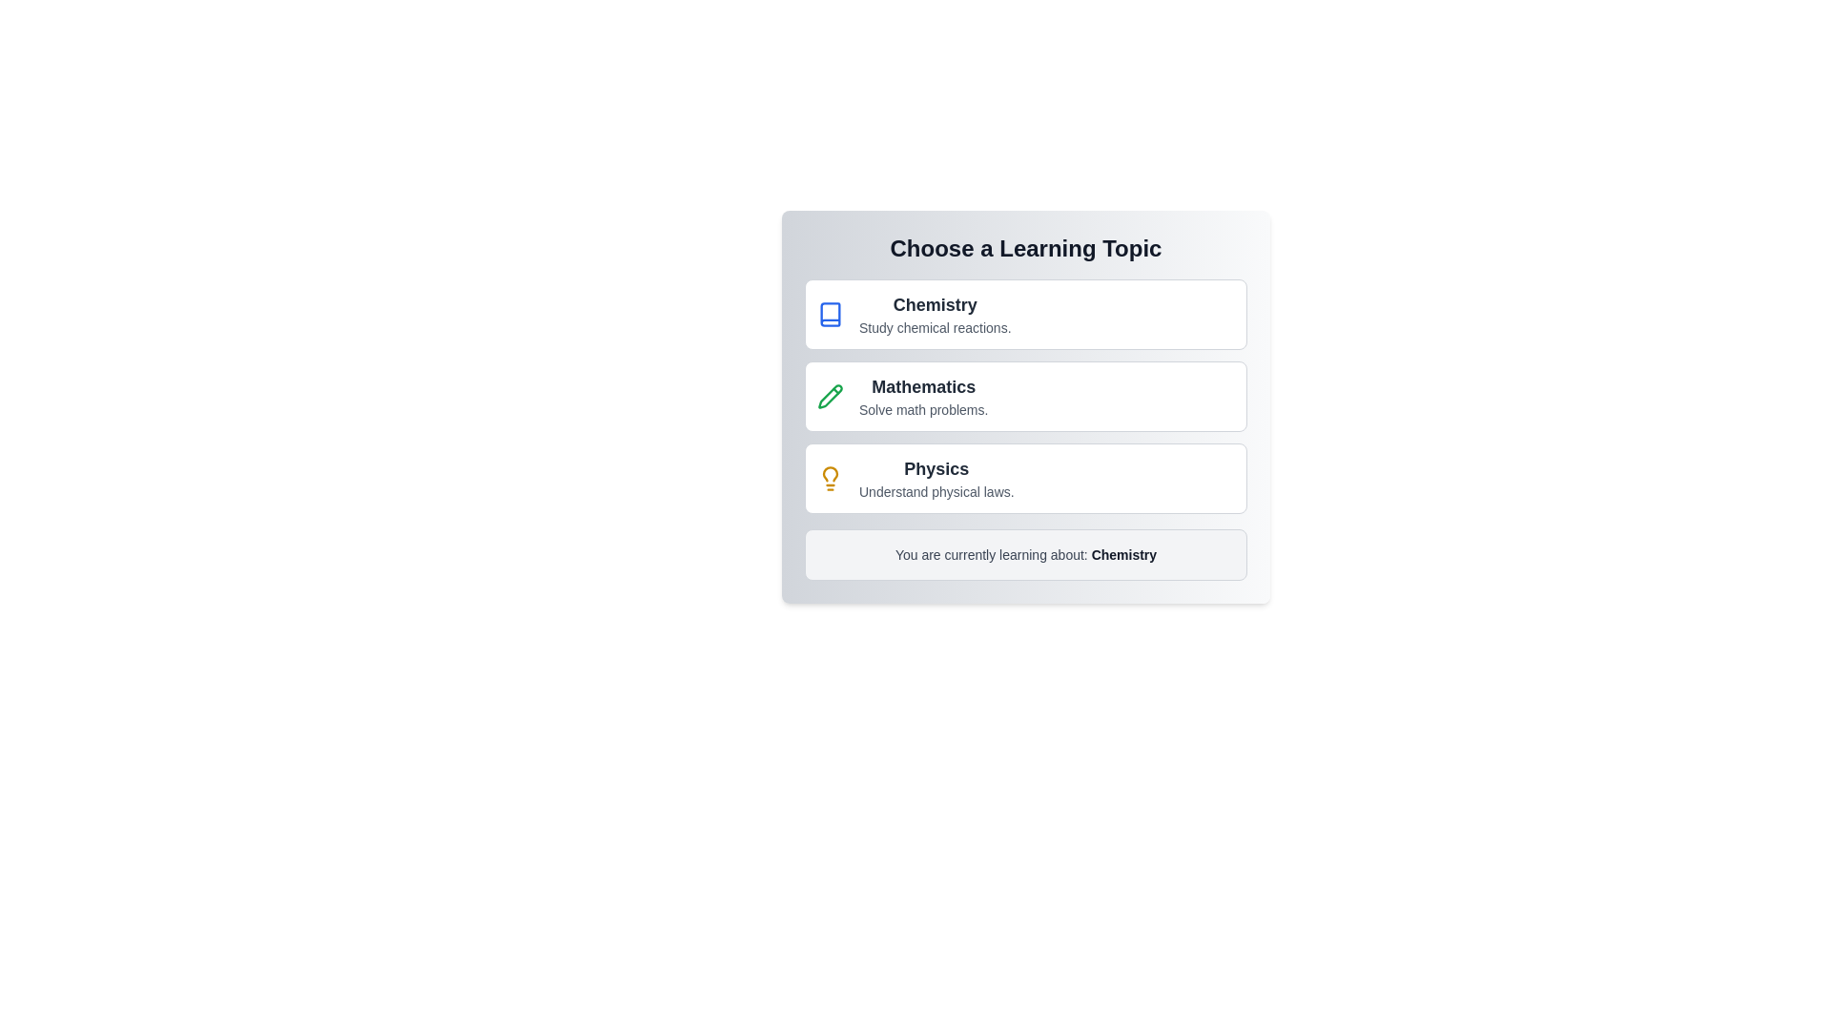 This screenshot has height=1030, width=1831. Describe the element at coordinates (1123, 555) in the screenshot. I see `the bold text label that reads 'Chemistry', which is styled with a dark color and located at the bottom center of the interface` at that location.